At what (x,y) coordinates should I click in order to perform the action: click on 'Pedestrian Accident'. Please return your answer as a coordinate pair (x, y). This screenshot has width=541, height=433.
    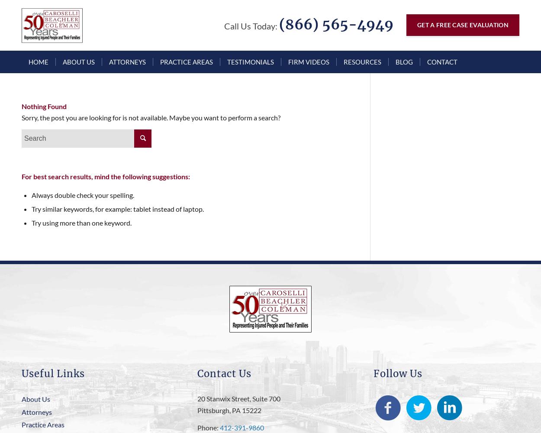
    Looking at the image, I should click on (286, 151).